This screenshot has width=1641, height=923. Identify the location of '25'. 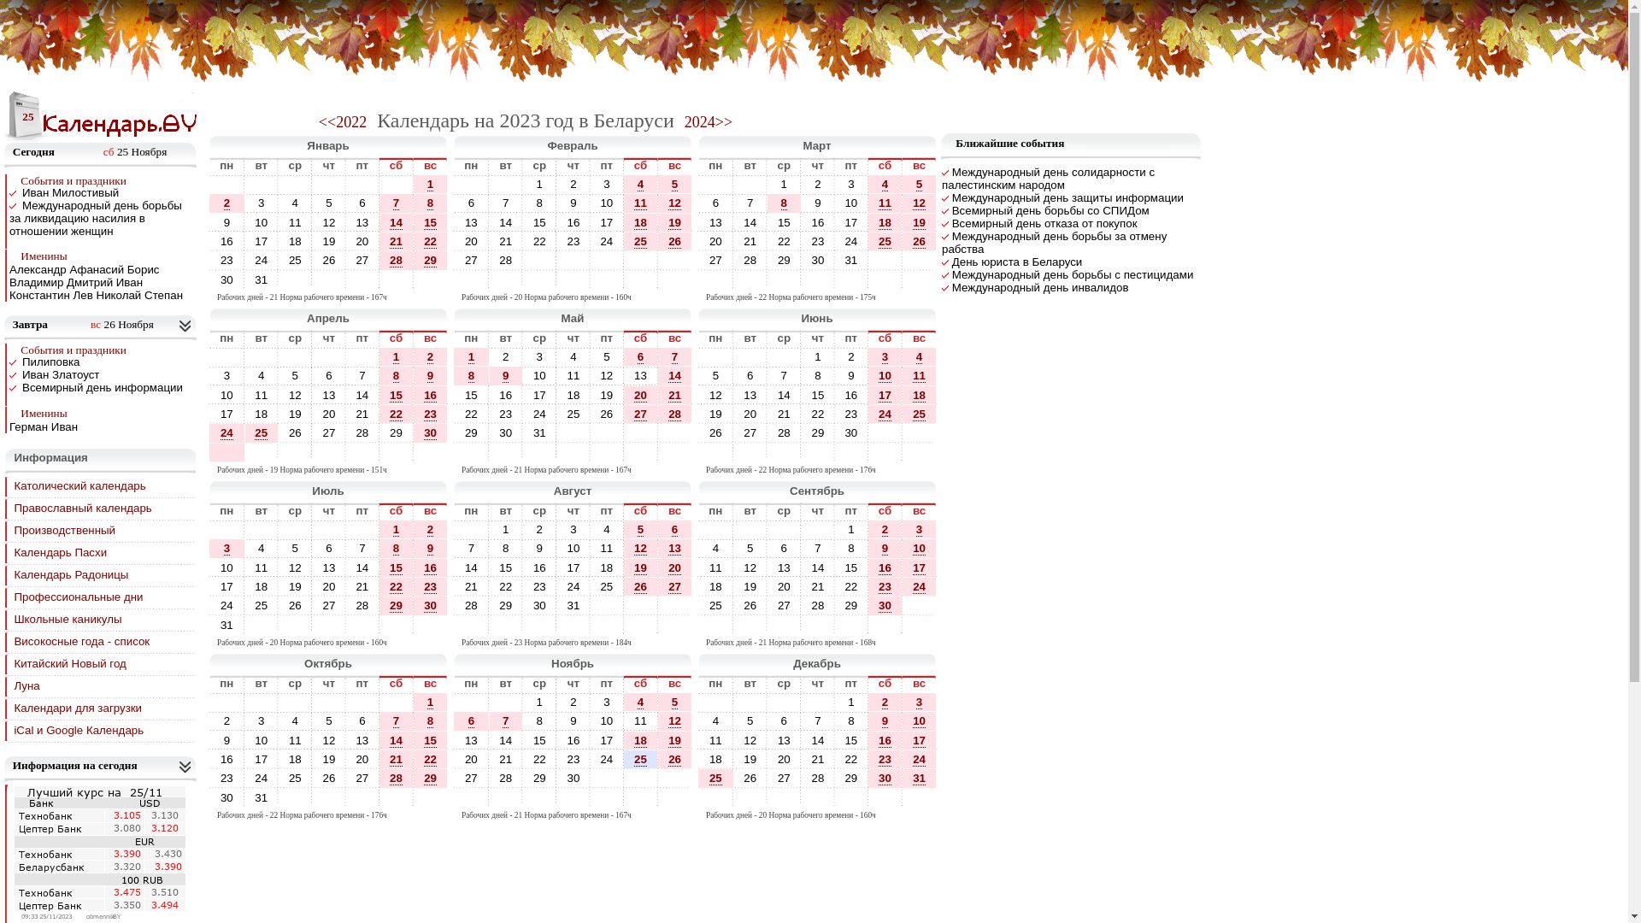
(885, 241).